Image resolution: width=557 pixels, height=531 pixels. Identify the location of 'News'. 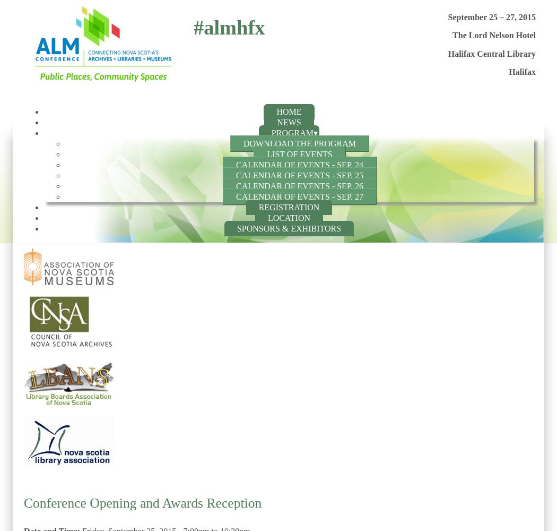
(289, 122).